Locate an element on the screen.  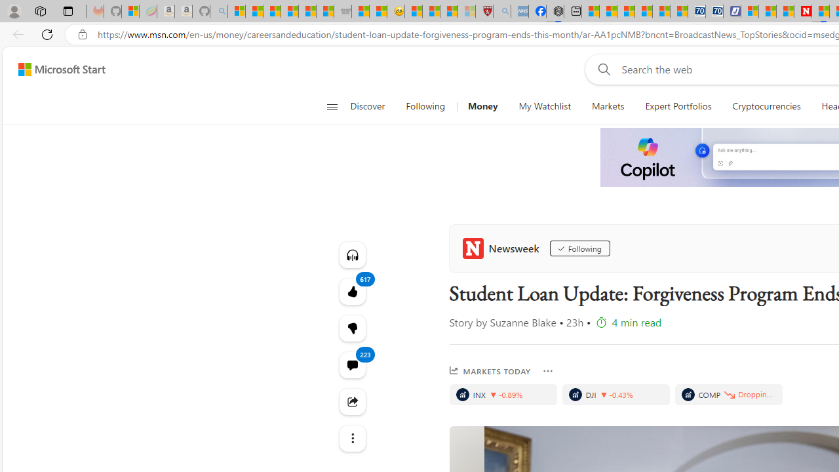
'12 Popular Science Lies that Must be Corrected - Sleeping' is located at coordinates (466, 11).